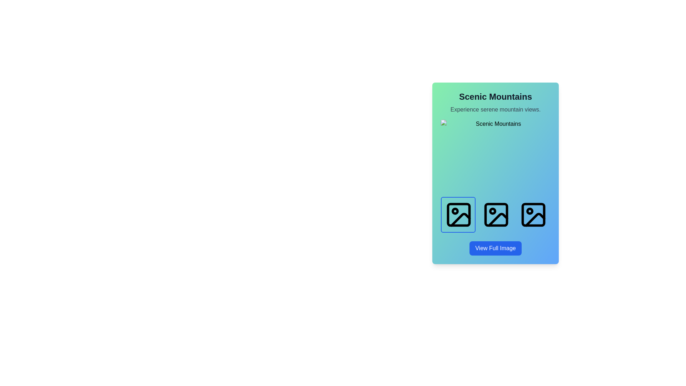 This screenshot has width=686, height=386. I want to click on the Text block header with a subheading that serves as a descriptive title for the content related to scenic images, positioned at the top center of a card-like UI component, so click(495, 102).